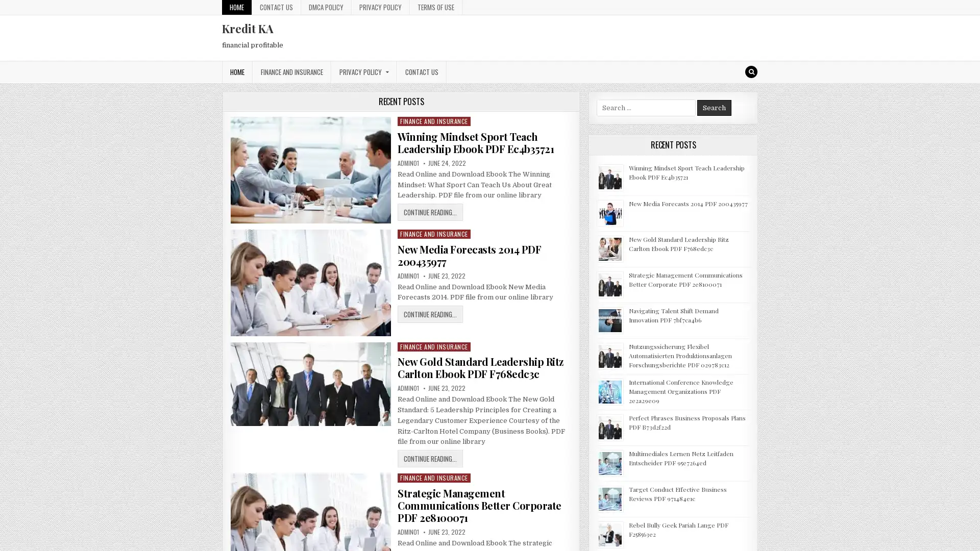  I want to click on Search, so click(714, 108).